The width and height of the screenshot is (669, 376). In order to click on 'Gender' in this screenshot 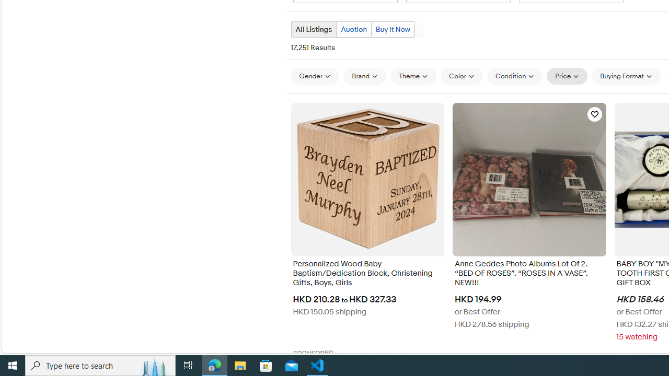, I will do `click(314, 75)`.